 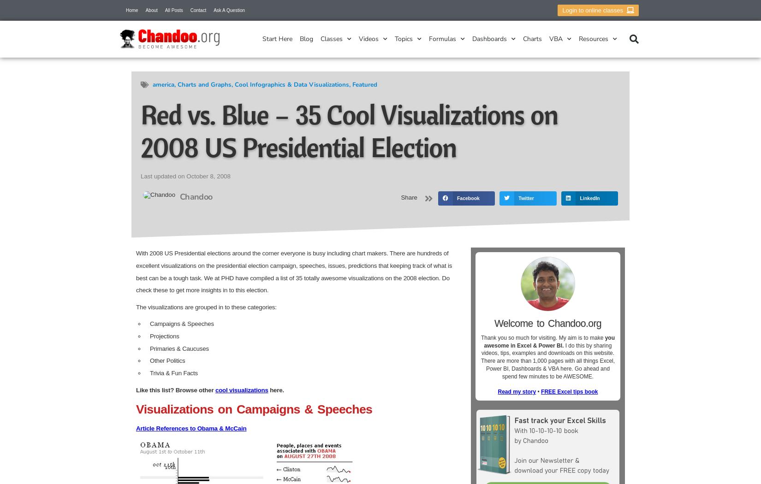 What do you see at coordinates (351, 84) in the screenshot?
I see `'Featured'` at bounding box center [351, 84].